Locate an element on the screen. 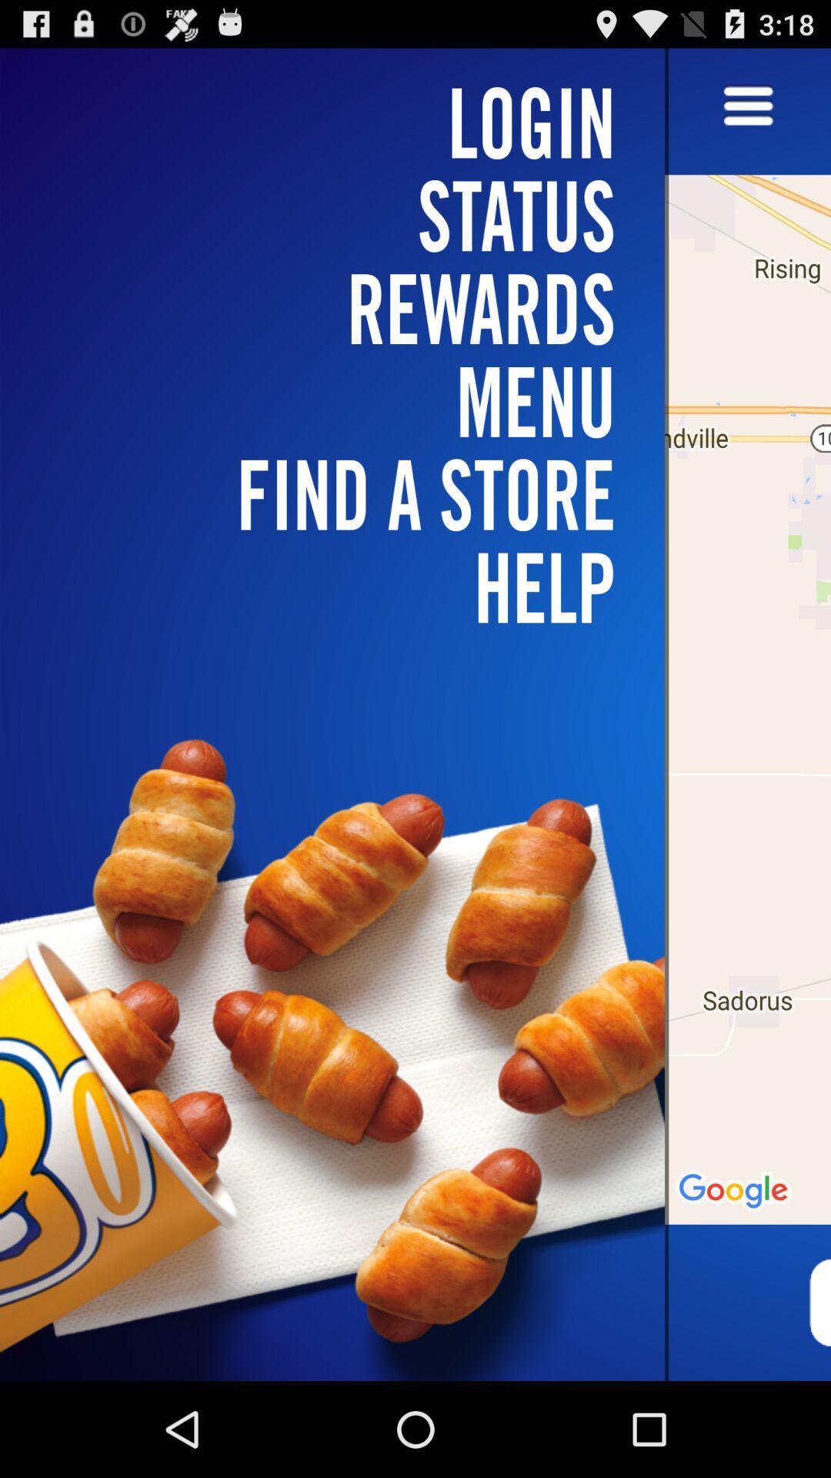  the menu icon is located at coordinates (747, 114).